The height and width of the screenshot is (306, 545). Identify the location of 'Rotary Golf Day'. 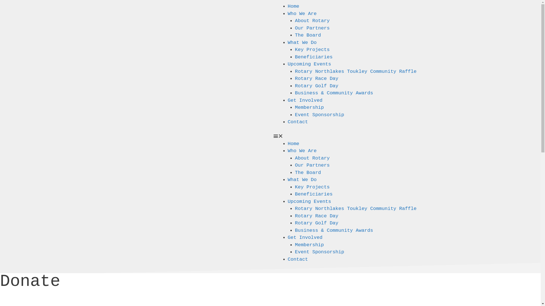
(316, 223).